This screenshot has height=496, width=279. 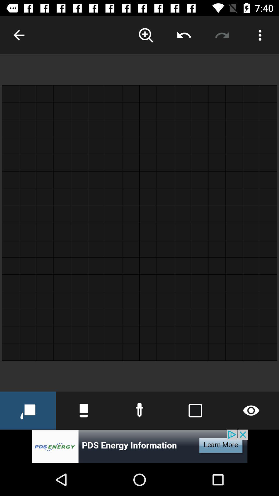 What do you see at coordinates (184, 35) in the screenshot?
I see `share option` at bounding box center [184, 35].